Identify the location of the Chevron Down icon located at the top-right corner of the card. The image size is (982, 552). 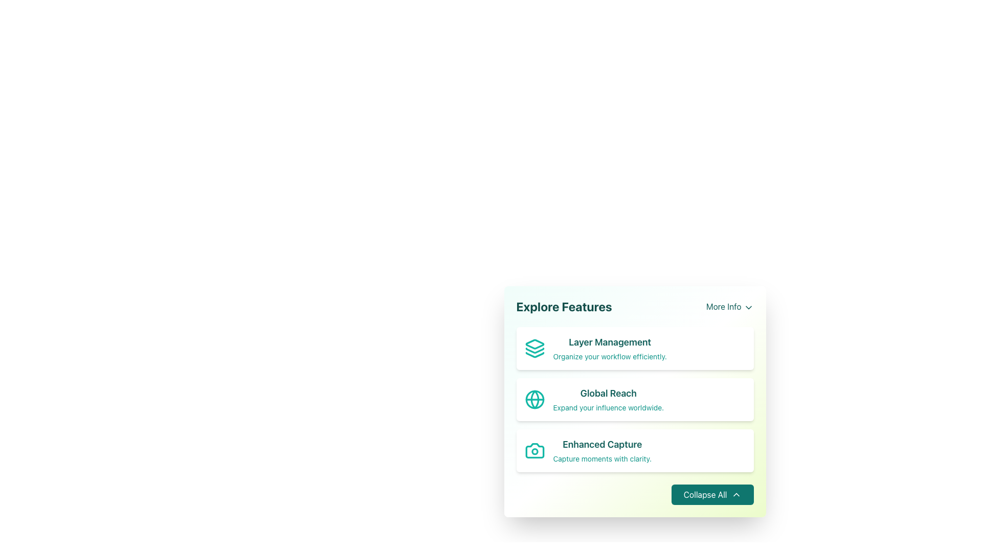
(748, 307).